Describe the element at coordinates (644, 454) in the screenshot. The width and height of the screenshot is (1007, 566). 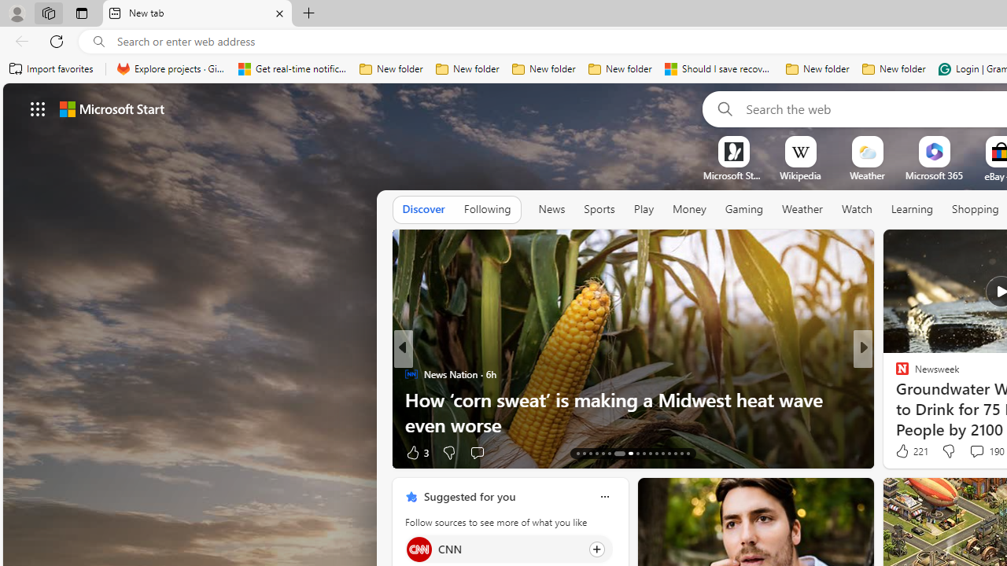
I see `'AutomationID: tab-22'` at that location.